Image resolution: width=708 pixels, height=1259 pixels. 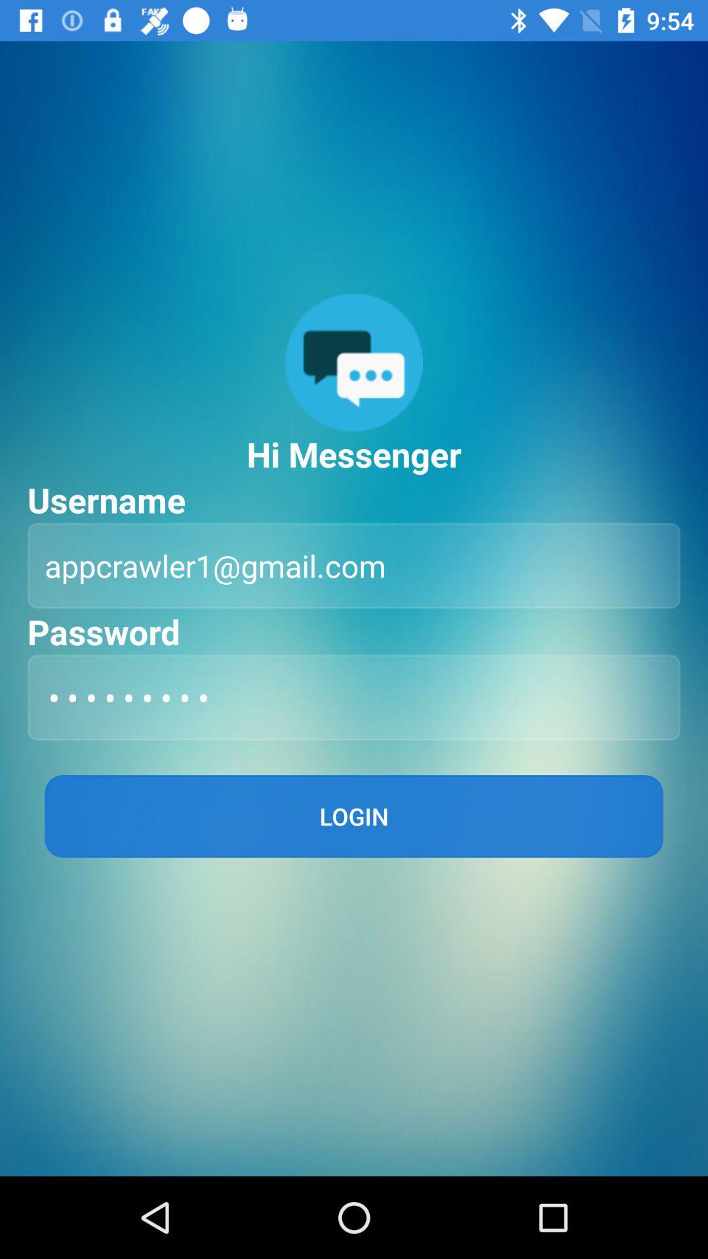 What do you see at coordinates (354, 696) in the screenshot?
I see `the icon below the password` at bounding box center [354, 696].